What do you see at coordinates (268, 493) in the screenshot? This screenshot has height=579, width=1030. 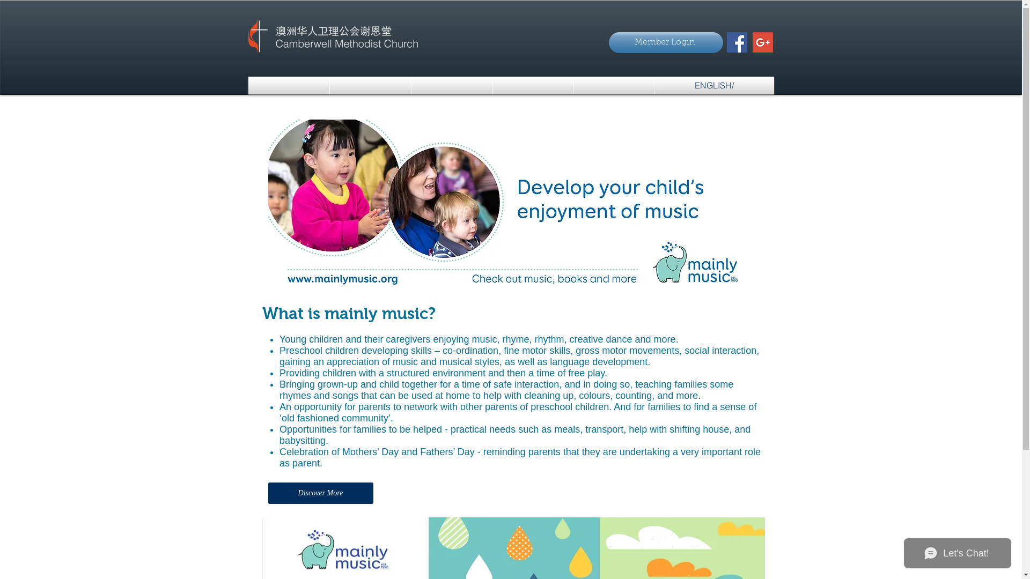 I see `'Discover More'` at bounding box center [268, 493].